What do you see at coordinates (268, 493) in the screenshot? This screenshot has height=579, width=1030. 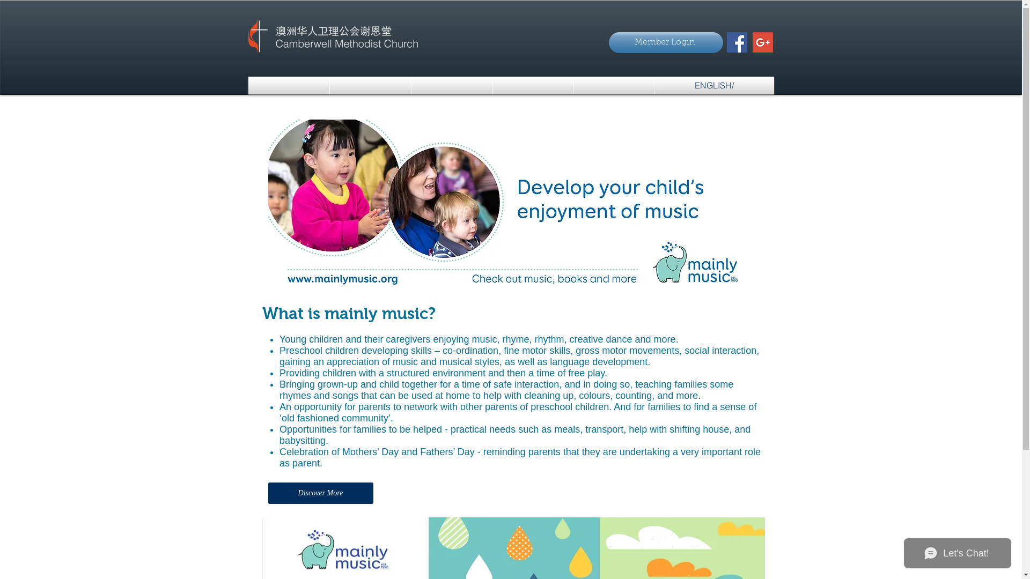 I see `'Discover More'` at bounding box center [268, 493].